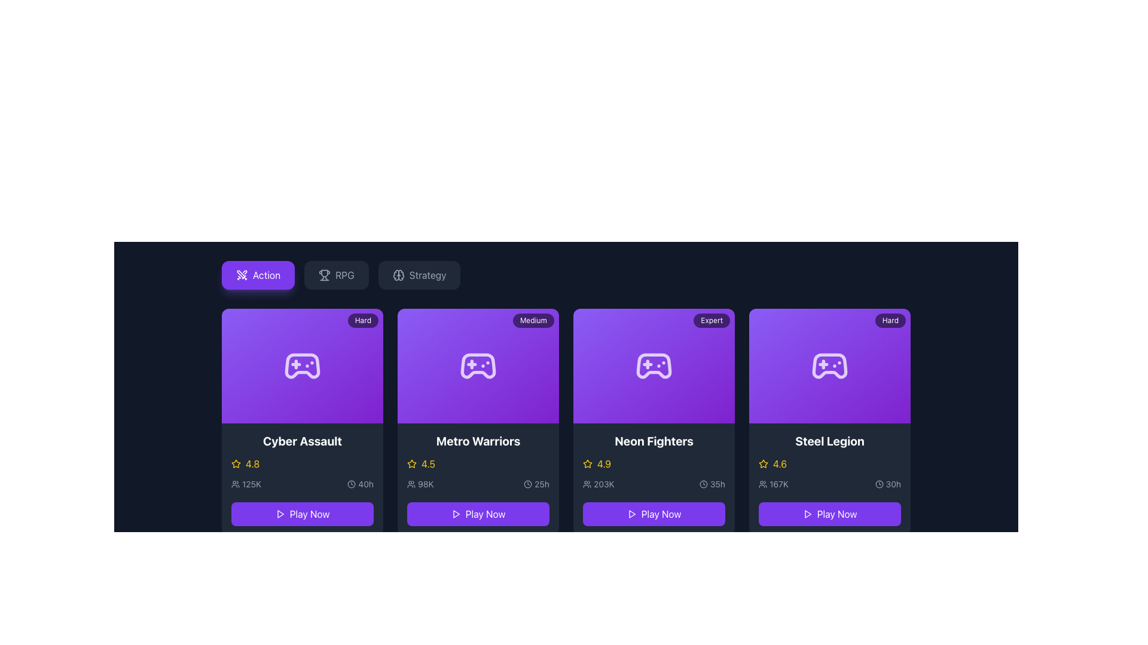 The image size is (1148, 645). Describe the element at coordinates (478, 513) in the screenshot. I see `the 'Metro Warriors' button using the keyboard tab key` at that location.